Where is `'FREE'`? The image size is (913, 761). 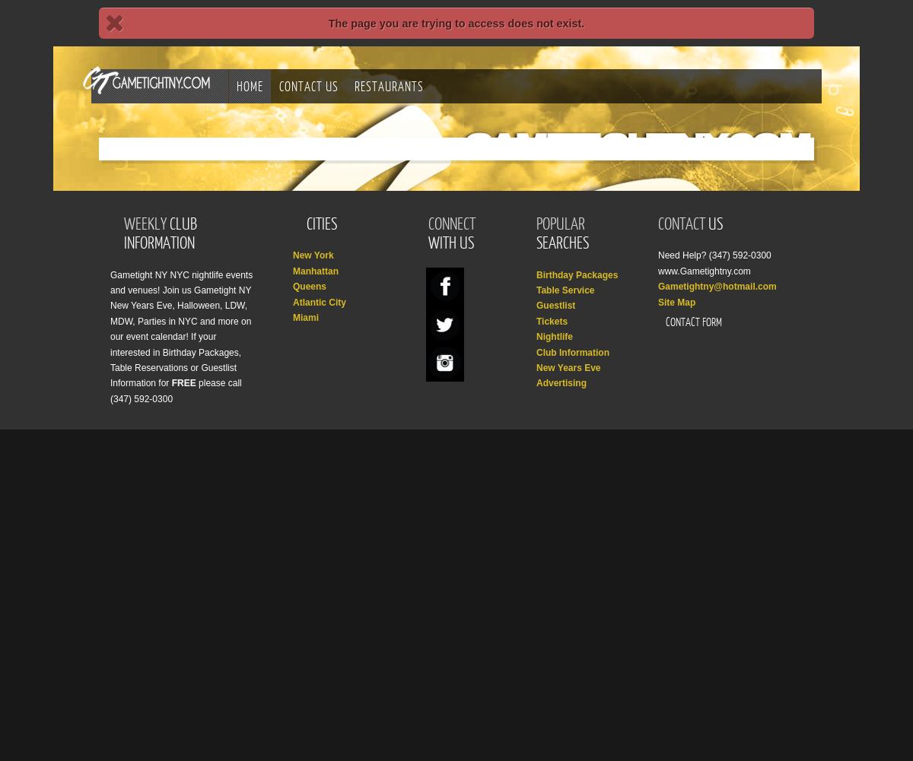 'FREE' is located at coordinates (170, 382).